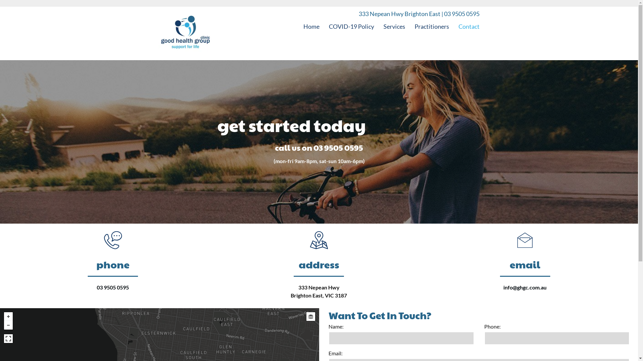  I want to click on 'Services', so click(394, 26).